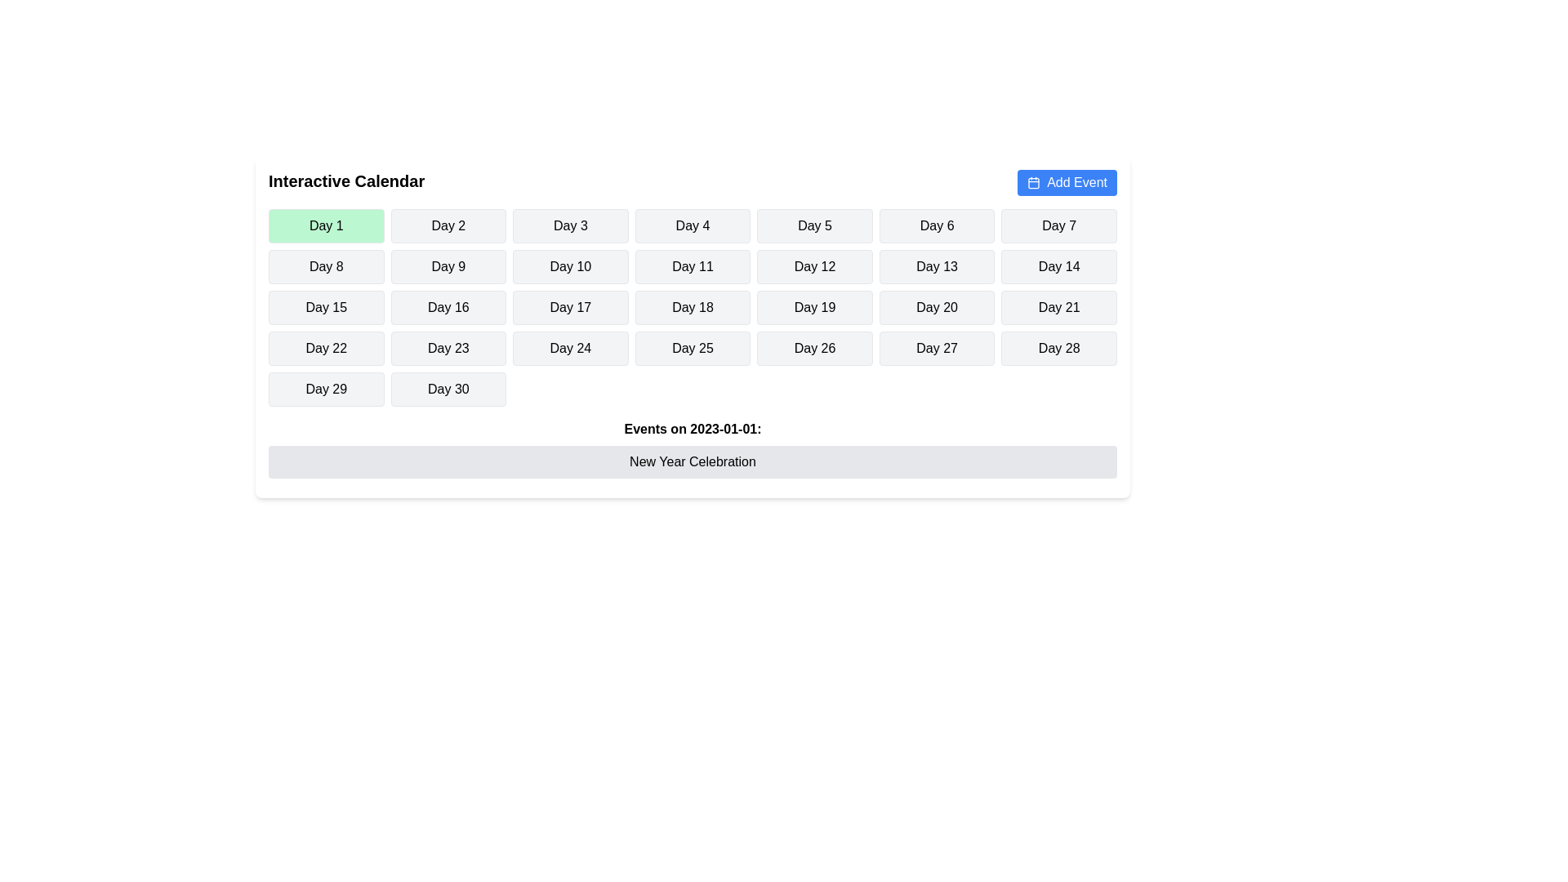  What do you see at coordinates (693, 266) in the screenshot?
I see `the interactive day button in the calendar interface located in the second row, fourth column of the grid layout` at bounding box center [693, 266].